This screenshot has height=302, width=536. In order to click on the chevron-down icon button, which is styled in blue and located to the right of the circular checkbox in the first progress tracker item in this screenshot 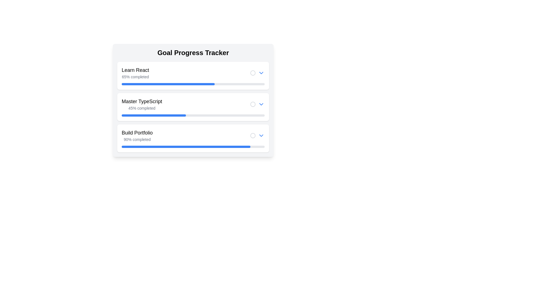, I will do `click(261, 73)`.